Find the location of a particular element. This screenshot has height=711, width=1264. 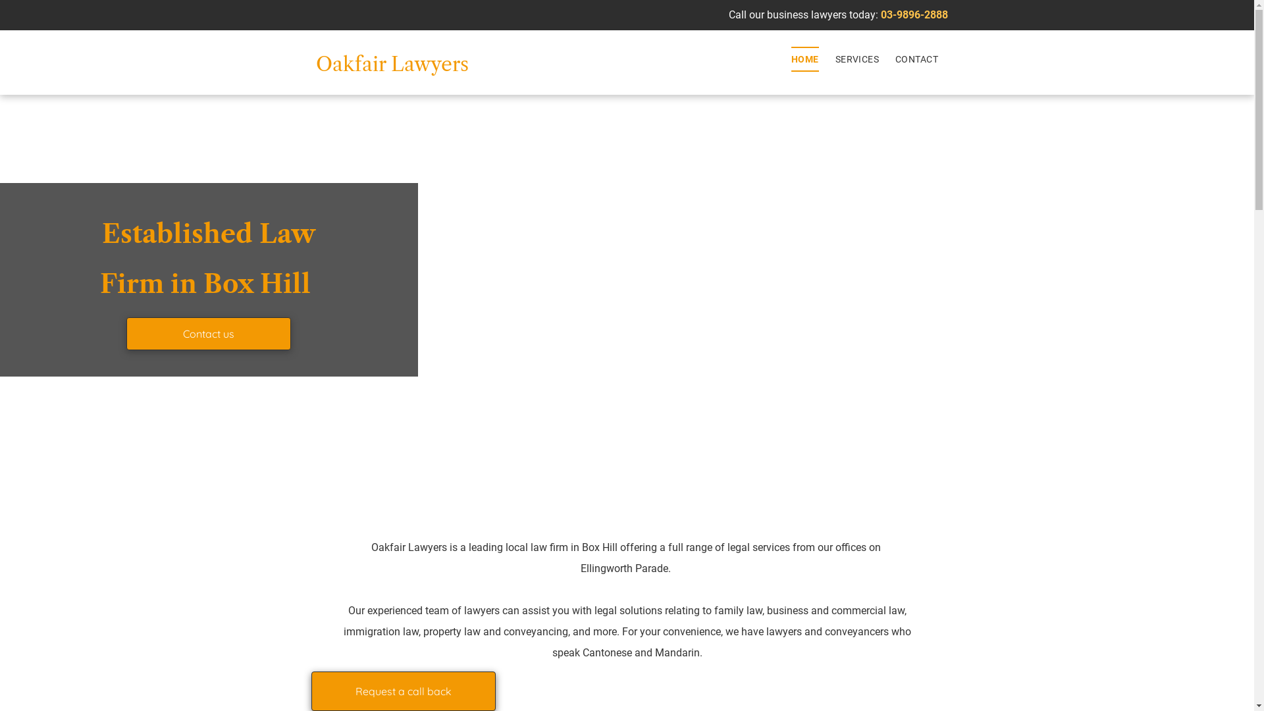

'Oakfair Lawyers' is located at coordinates (391, 64).